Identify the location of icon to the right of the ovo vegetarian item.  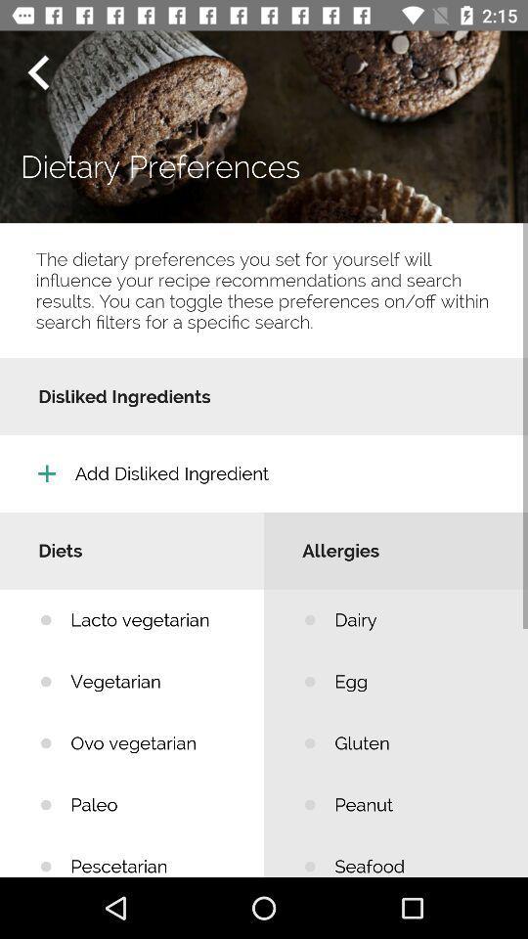
(416, 805).